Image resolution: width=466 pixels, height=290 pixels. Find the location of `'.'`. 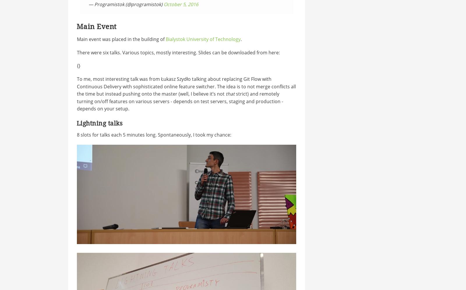

'.' is located at coordinates (241, 39).